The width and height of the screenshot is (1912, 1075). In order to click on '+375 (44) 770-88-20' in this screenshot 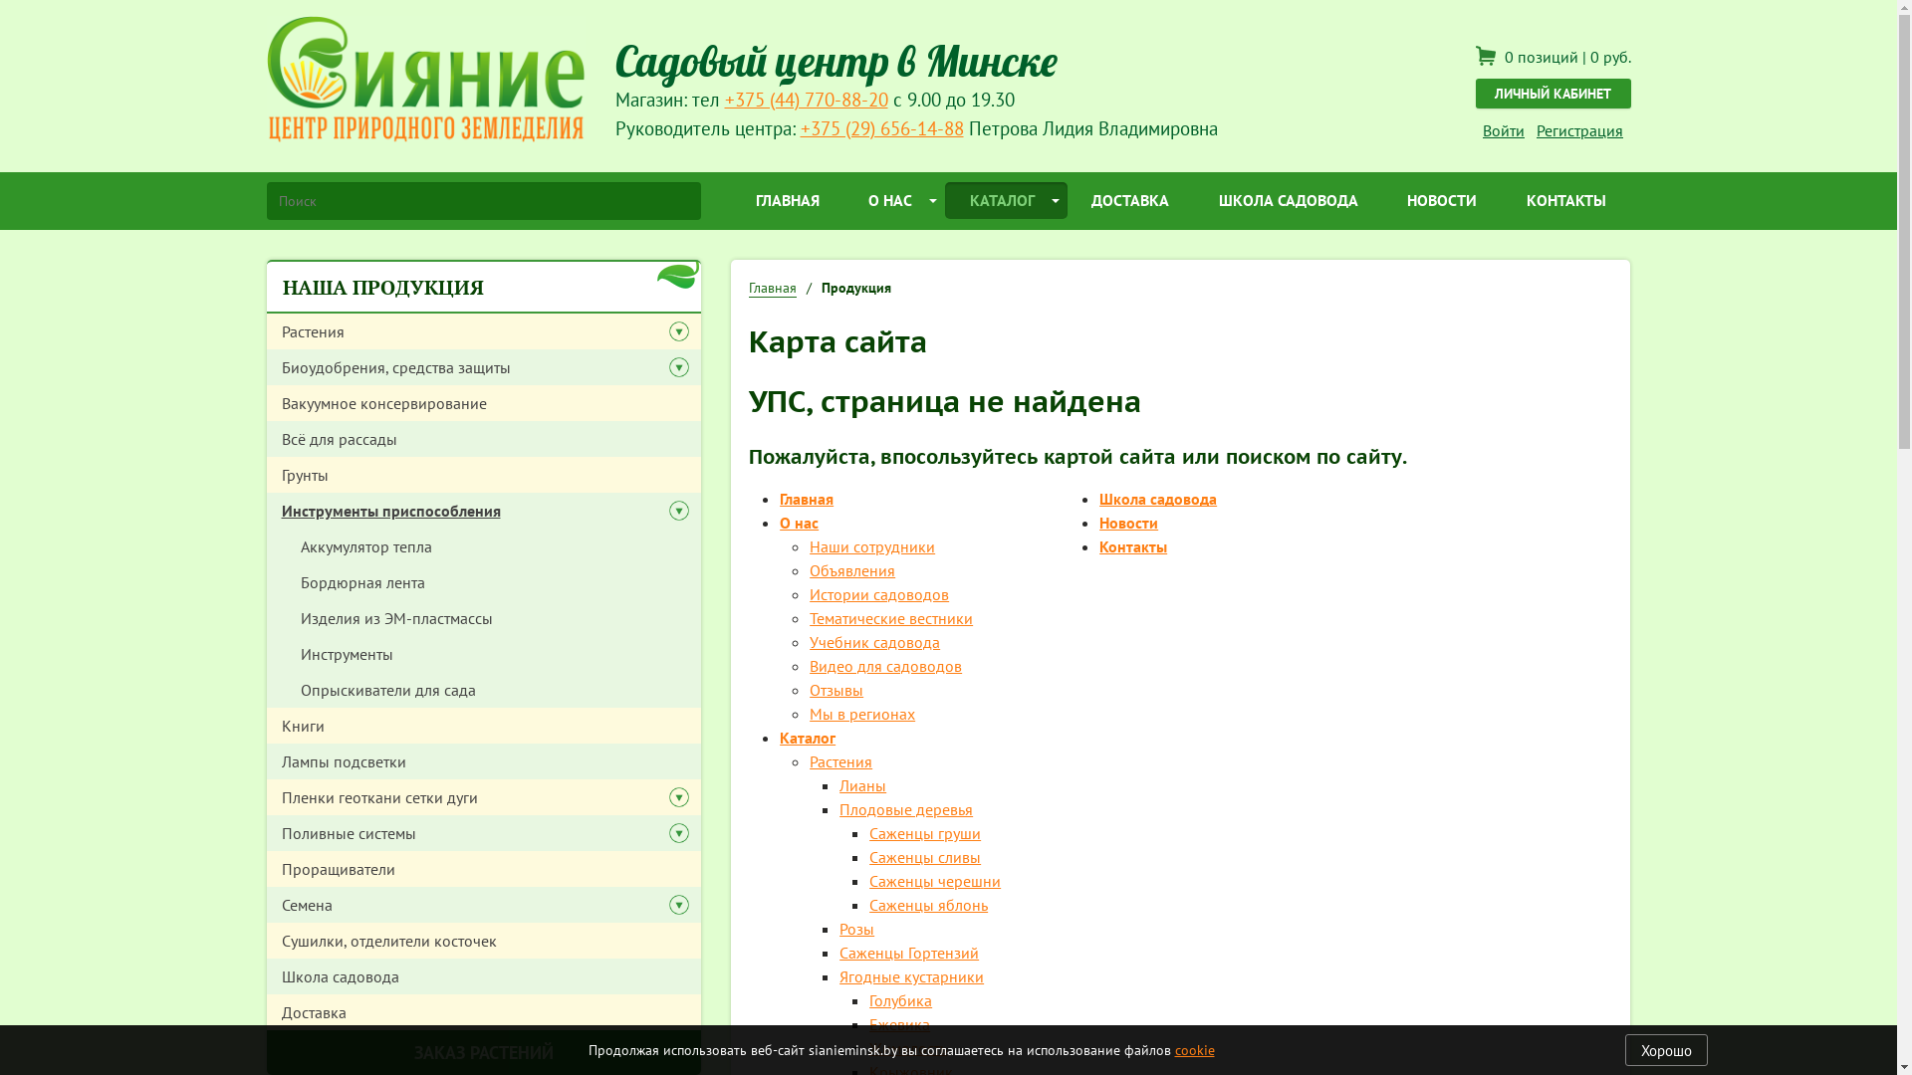, I will do `click(807, 99)`.